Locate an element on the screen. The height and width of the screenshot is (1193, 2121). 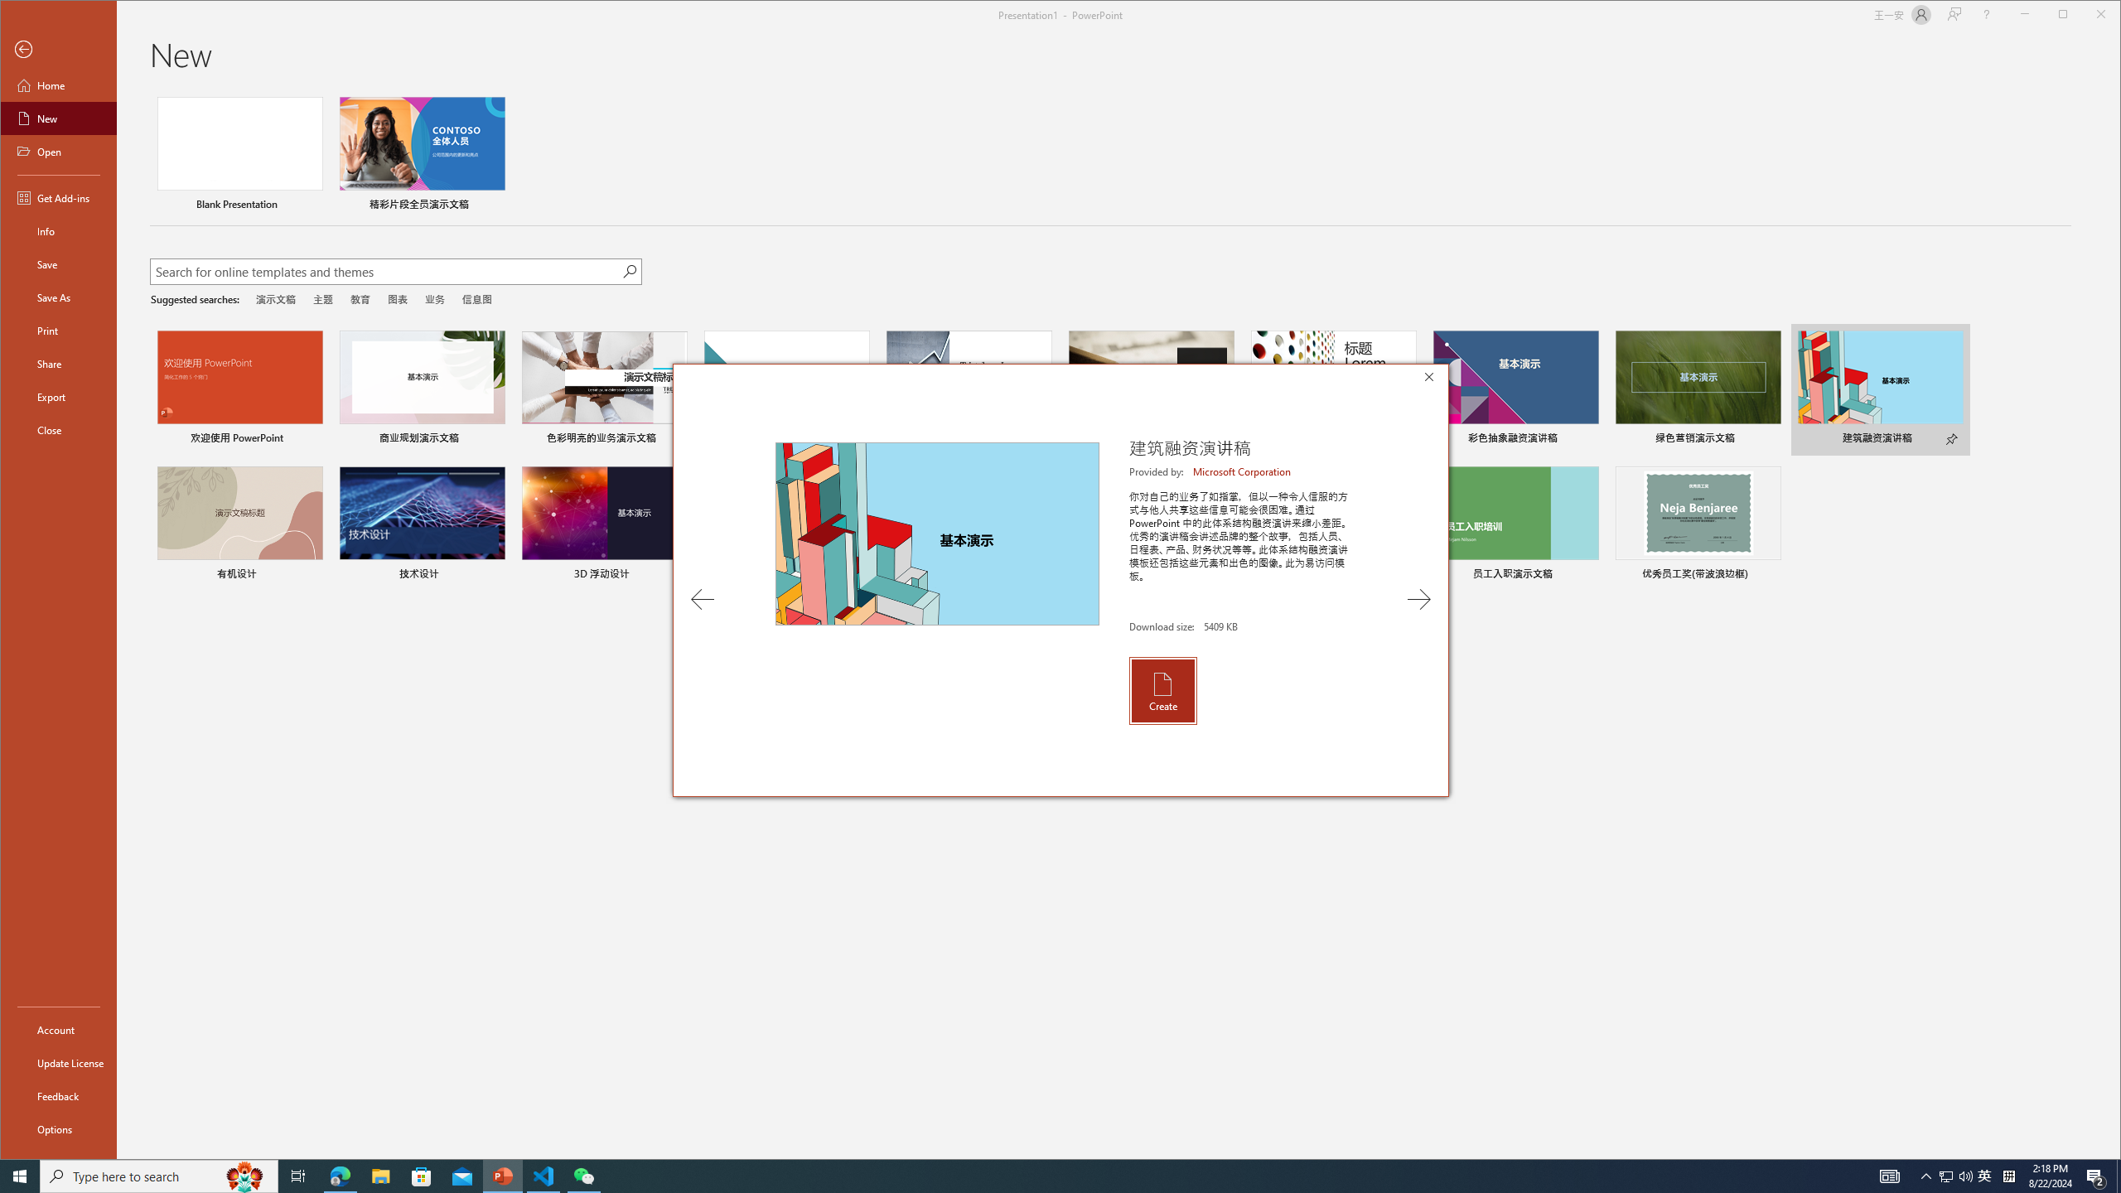
'Save As' is located at coordinates (57, 296).